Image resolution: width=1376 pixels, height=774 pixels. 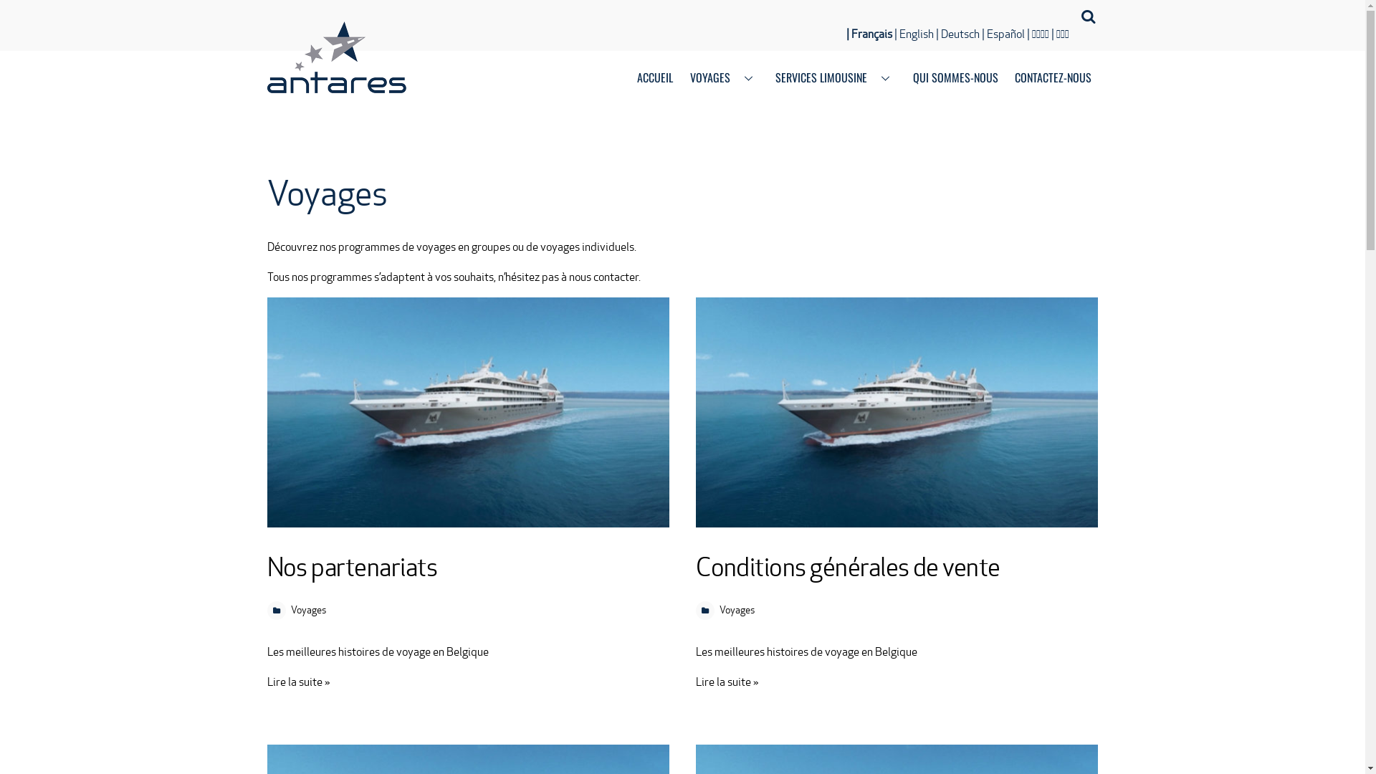 What do you see at coordinates (913, 33) in the screenshot?
I see `'English'` at bounding box center [913, 33].